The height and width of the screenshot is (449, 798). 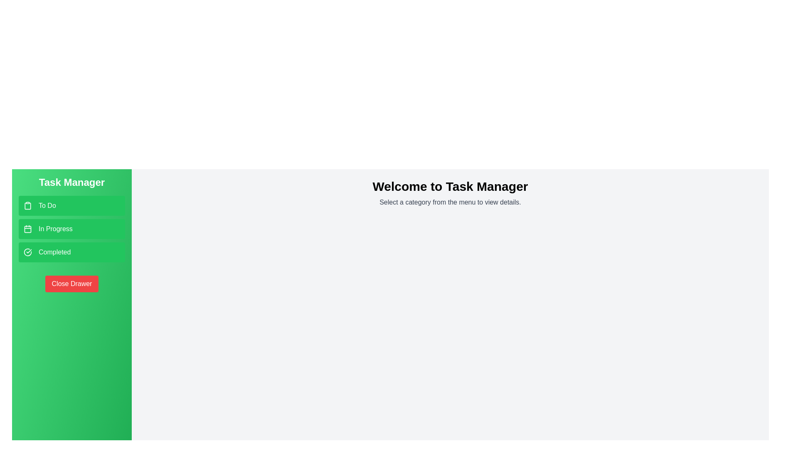 I want to click on the icon next to the category name Completed, so click(x=28, y=252).